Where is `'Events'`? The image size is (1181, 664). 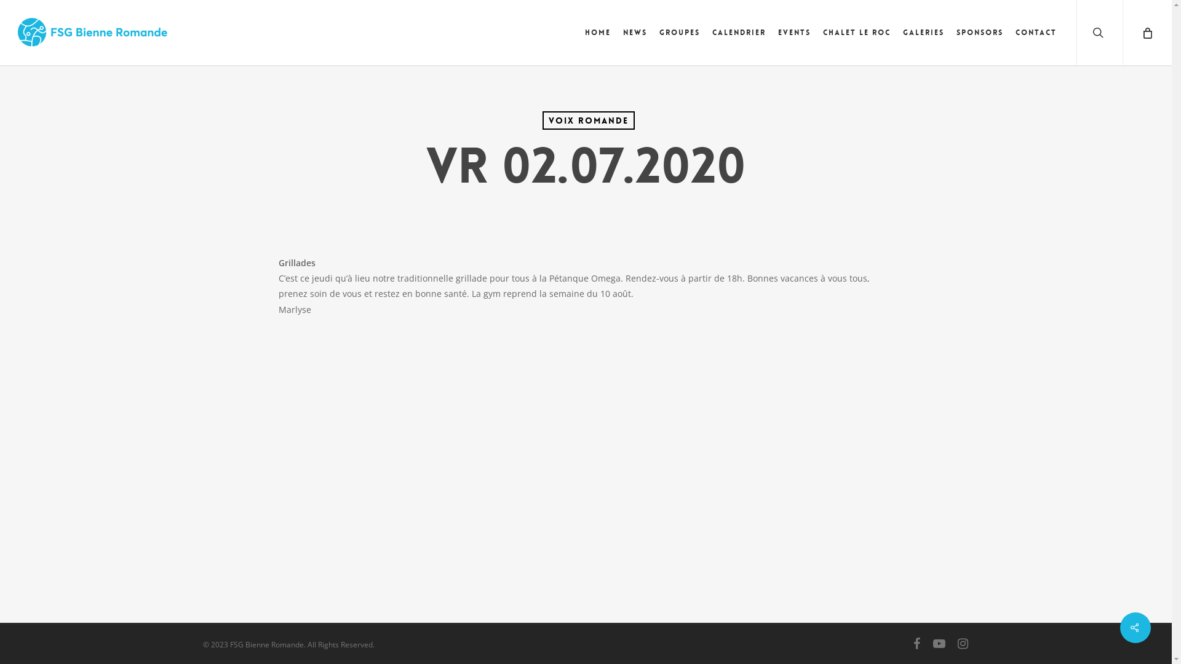 'Events' is located at coordinates (794, 32).